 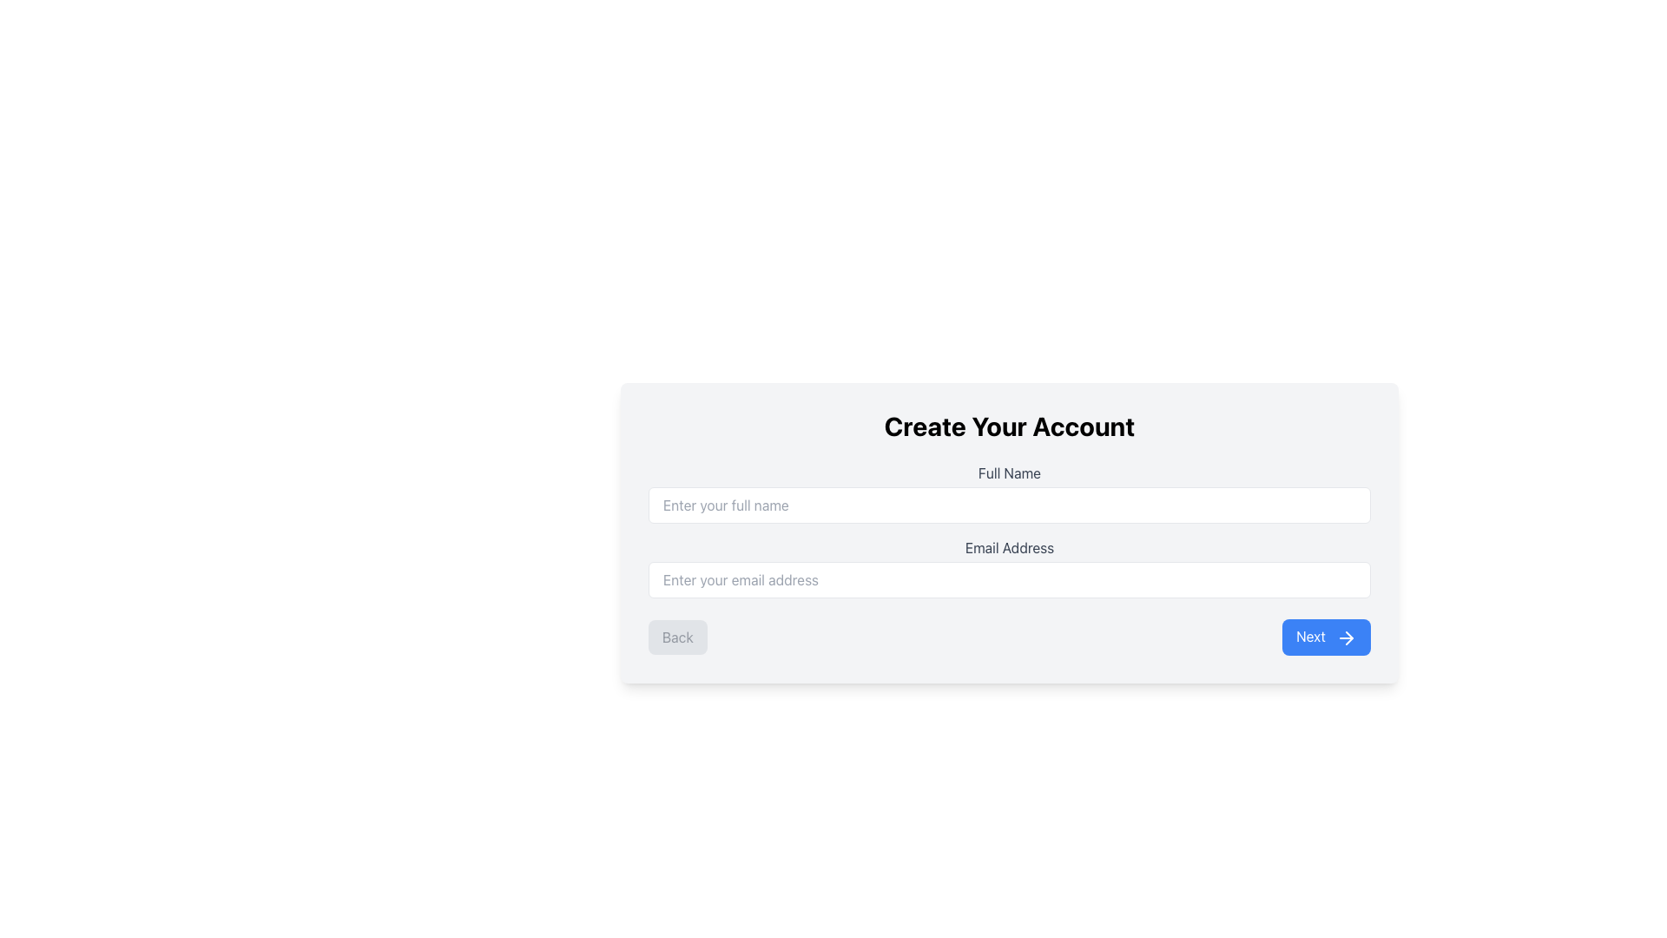 What do you see at coordinates (1326, 637) in the screenshot?
I see `the 'Next' button, which has a blue background and white text` at bounding box center [1326, 637].